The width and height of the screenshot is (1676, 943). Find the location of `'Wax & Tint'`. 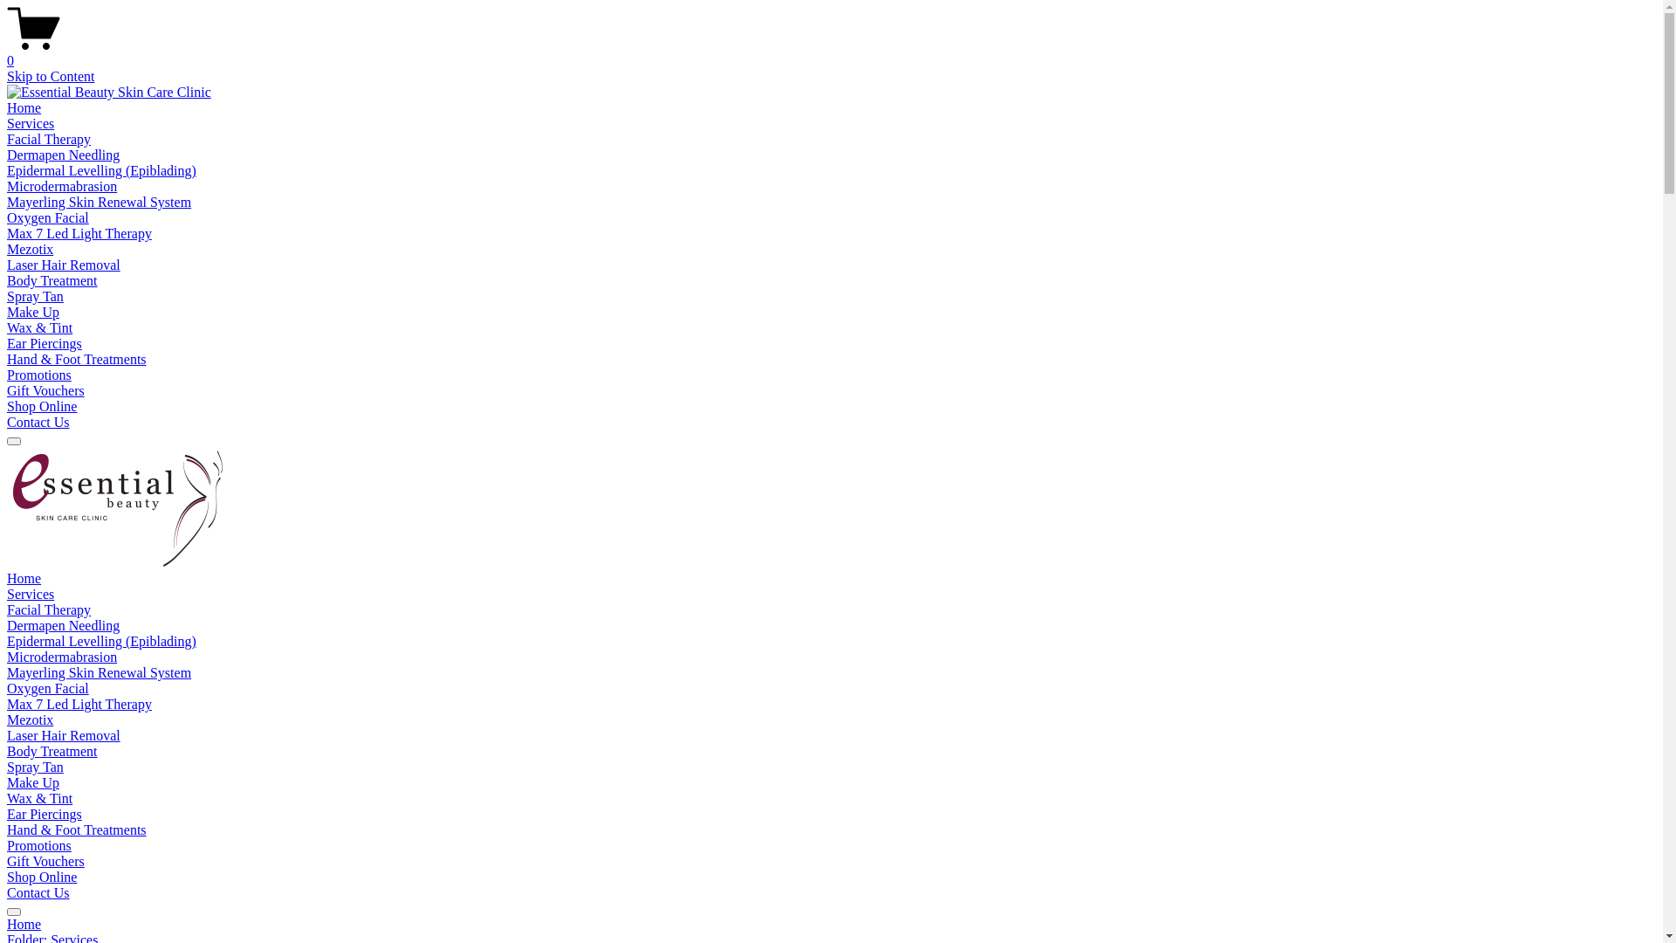

'Wax & Tint' is located at coordinates (39, 327).